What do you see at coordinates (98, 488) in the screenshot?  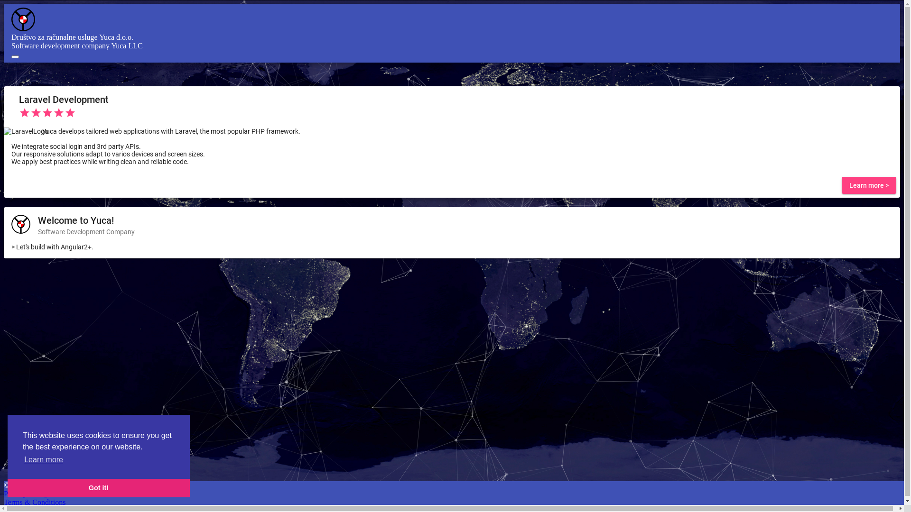 I see `'Got it!'` at bounding box center [98, 488].